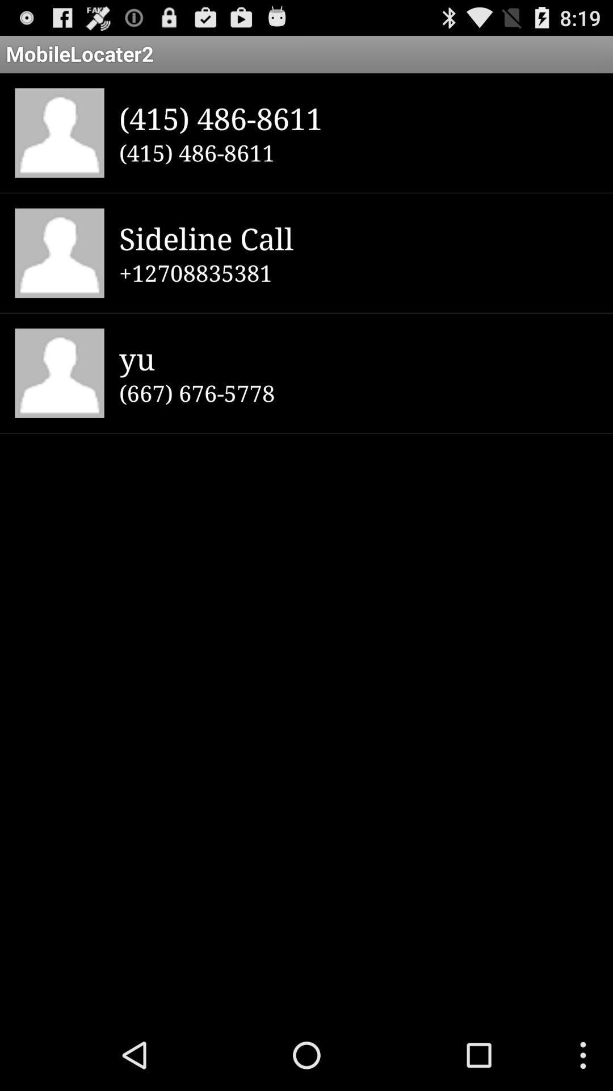 This screenshot has width=613, height=1091. I want to click on the +12708835381 icon, so click(358, 273).